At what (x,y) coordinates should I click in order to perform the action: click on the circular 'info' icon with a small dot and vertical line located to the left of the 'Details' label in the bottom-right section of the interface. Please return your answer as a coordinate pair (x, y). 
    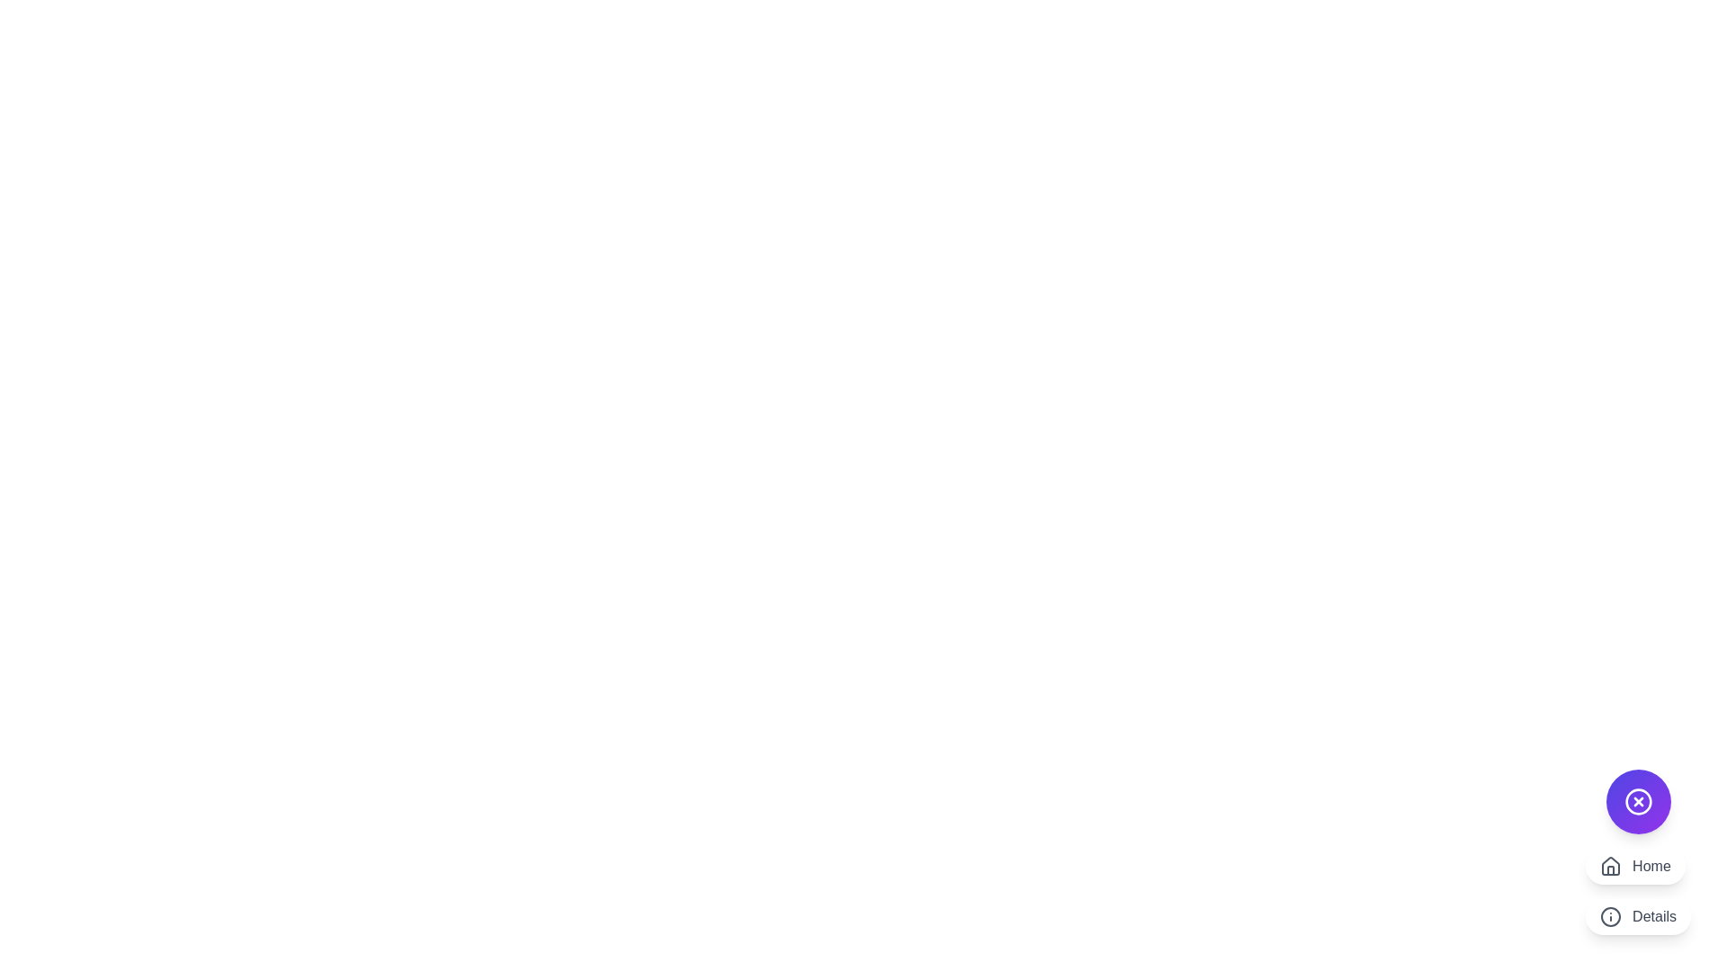
    Looking at the image, I should click on (1611, 916).